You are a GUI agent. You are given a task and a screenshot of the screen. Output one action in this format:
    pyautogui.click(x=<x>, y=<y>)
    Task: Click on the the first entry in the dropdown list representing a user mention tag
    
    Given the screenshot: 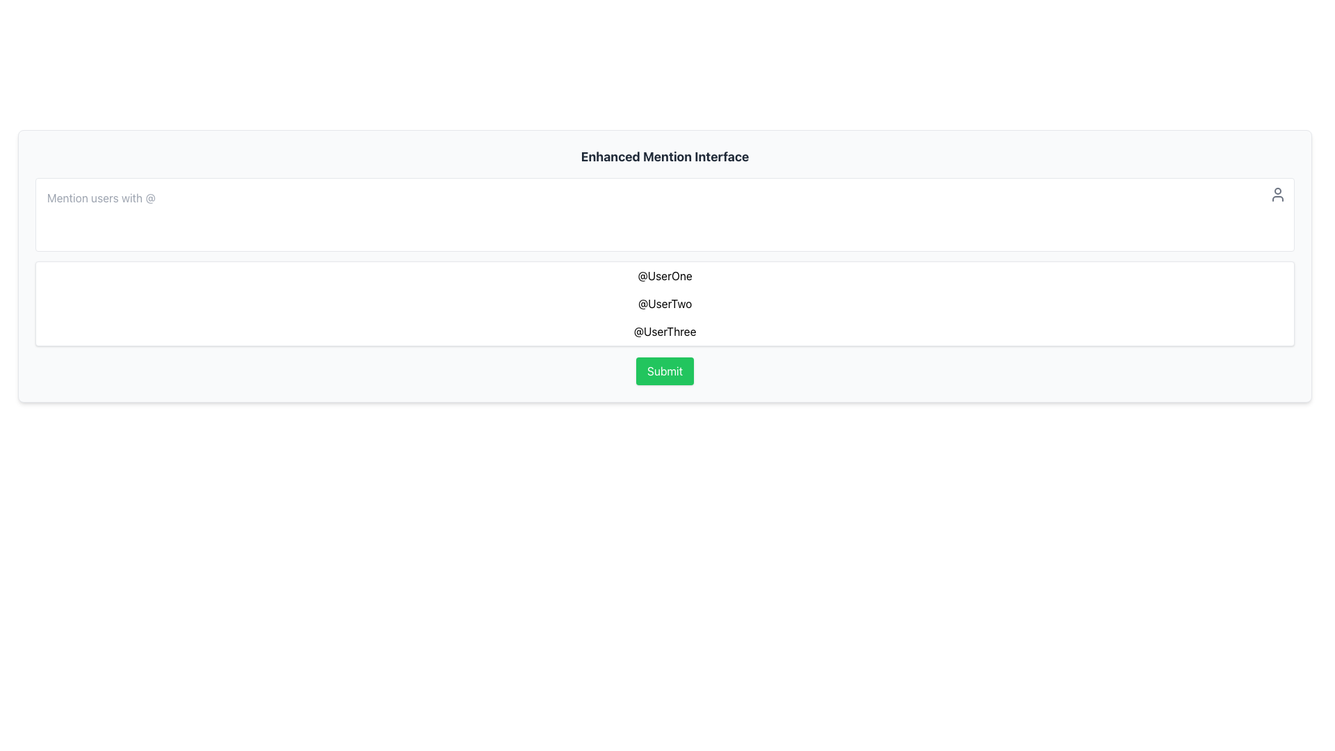 What is the action you would take?
    pyautogui.click(x=664, y=276)
    